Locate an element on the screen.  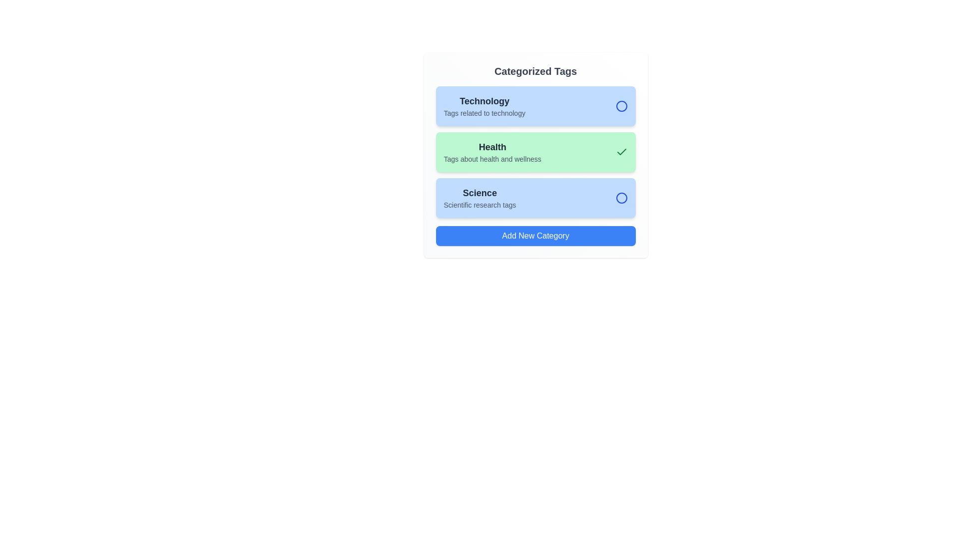
the category Science to observe the hover effect is located at coordinates (535, 198).